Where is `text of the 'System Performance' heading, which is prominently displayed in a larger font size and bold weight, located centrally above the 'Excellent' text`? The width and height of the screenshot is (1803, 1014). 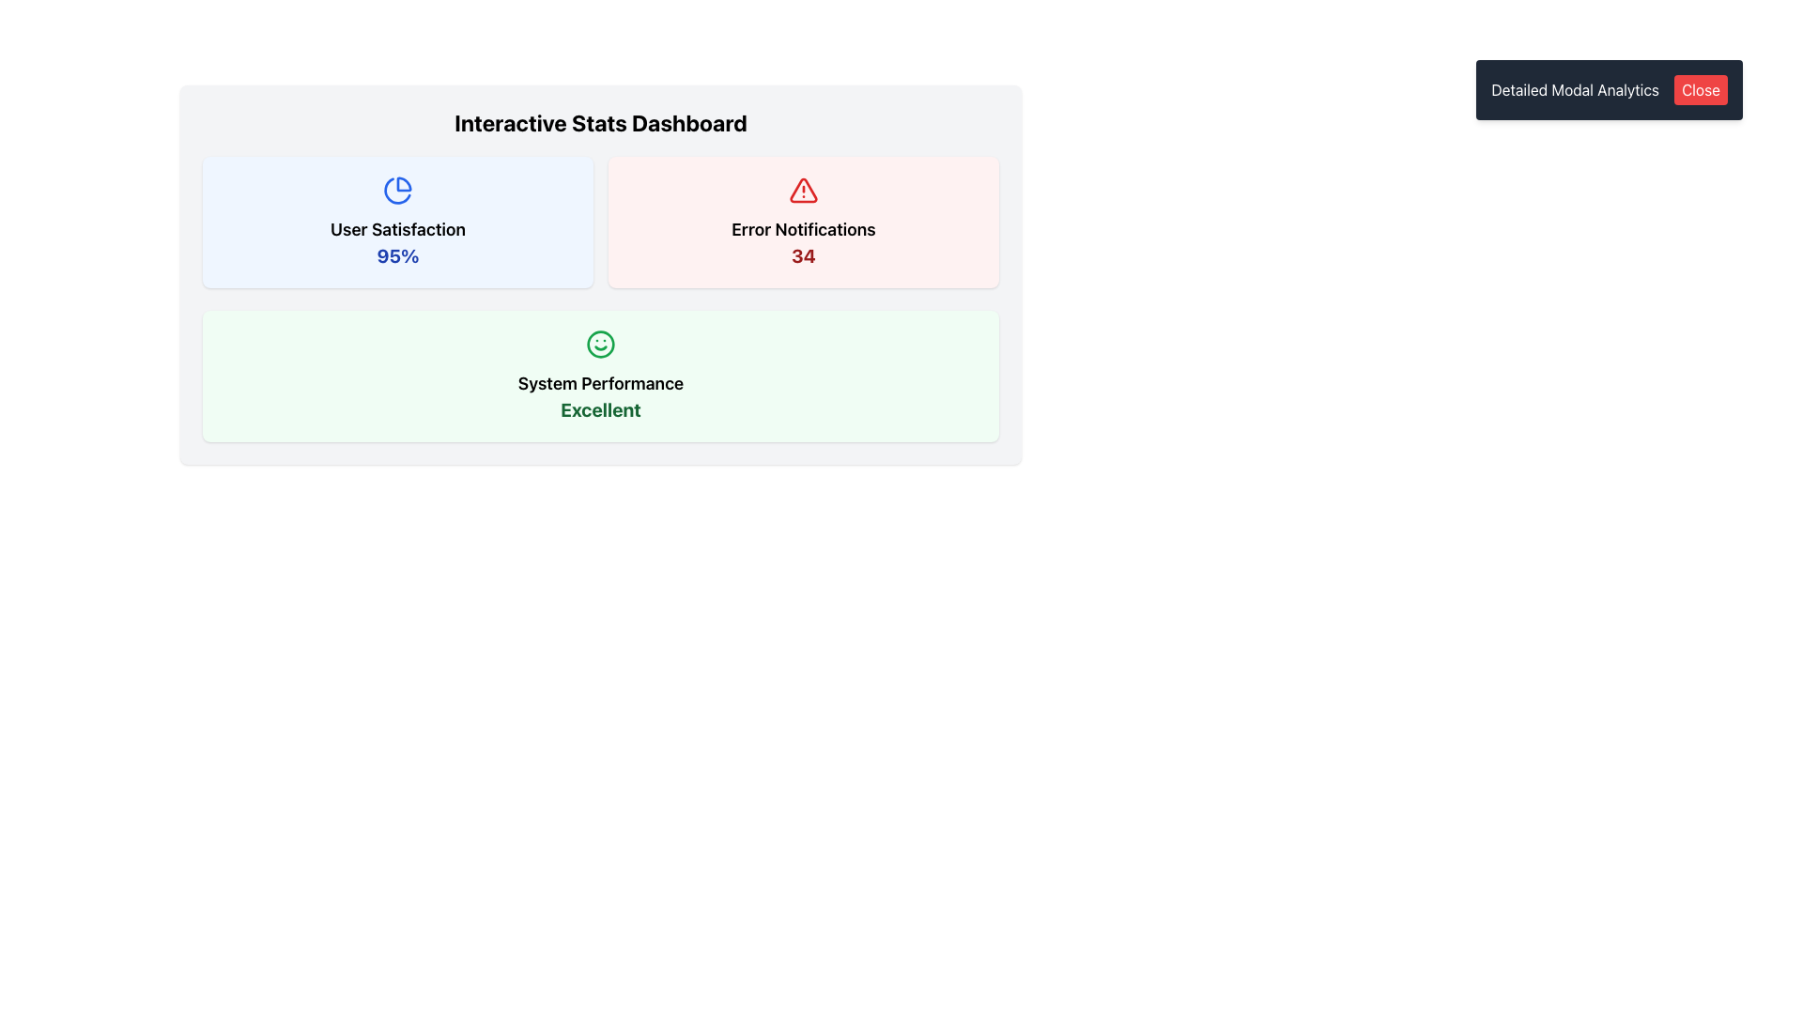 text of the 'System Performance' heading, which is prominently displayed in a larger font size and bold weight, located centrally above the 'Excellent' text is located at coordinates (599, 382).